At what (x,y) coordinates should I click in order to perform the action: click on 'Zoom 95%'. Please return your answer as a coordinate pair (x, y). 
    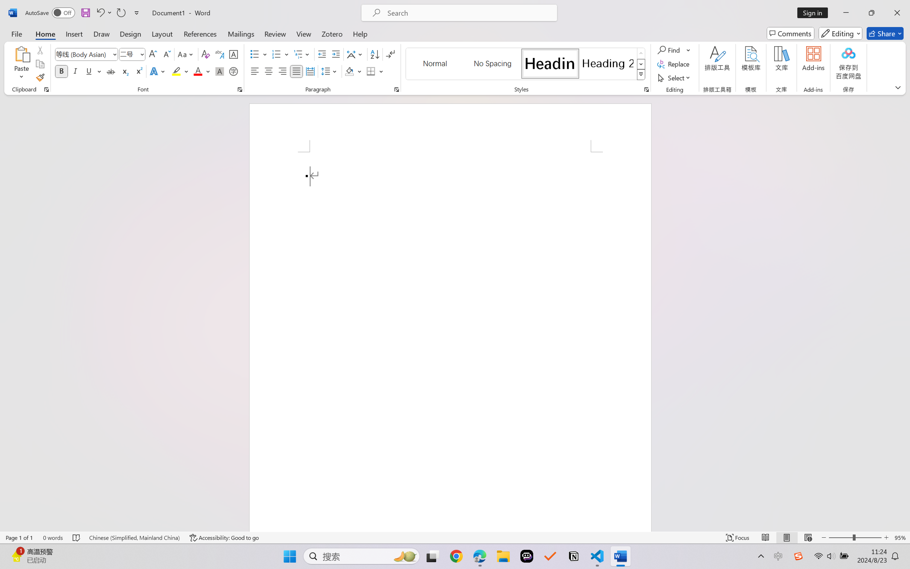
    Looking at the image, I should click on (900, 537).